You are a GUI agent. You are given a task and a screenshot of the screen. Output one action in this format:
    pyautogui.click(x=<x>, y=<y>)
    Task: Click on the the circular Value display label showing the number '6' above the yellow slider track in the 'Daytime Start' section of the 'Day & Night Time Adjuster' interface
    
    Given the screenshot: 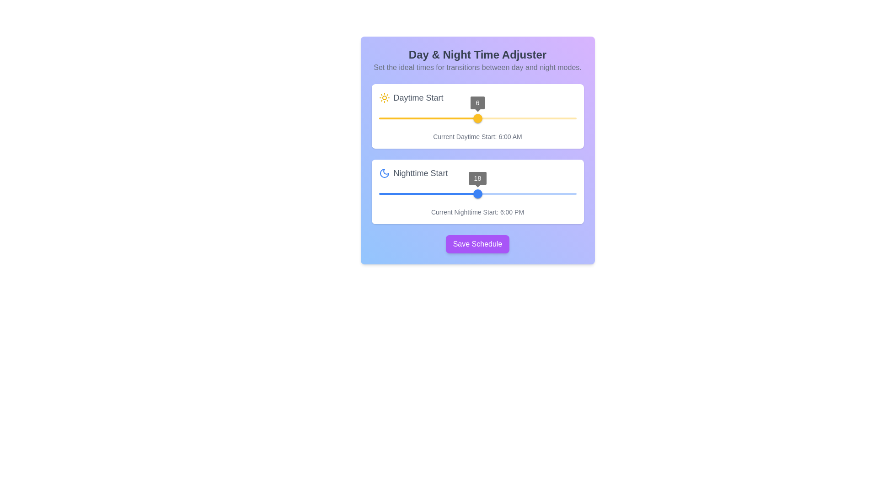 What is the action you would take?
    pyautogui.click(x=477, y=102)
    